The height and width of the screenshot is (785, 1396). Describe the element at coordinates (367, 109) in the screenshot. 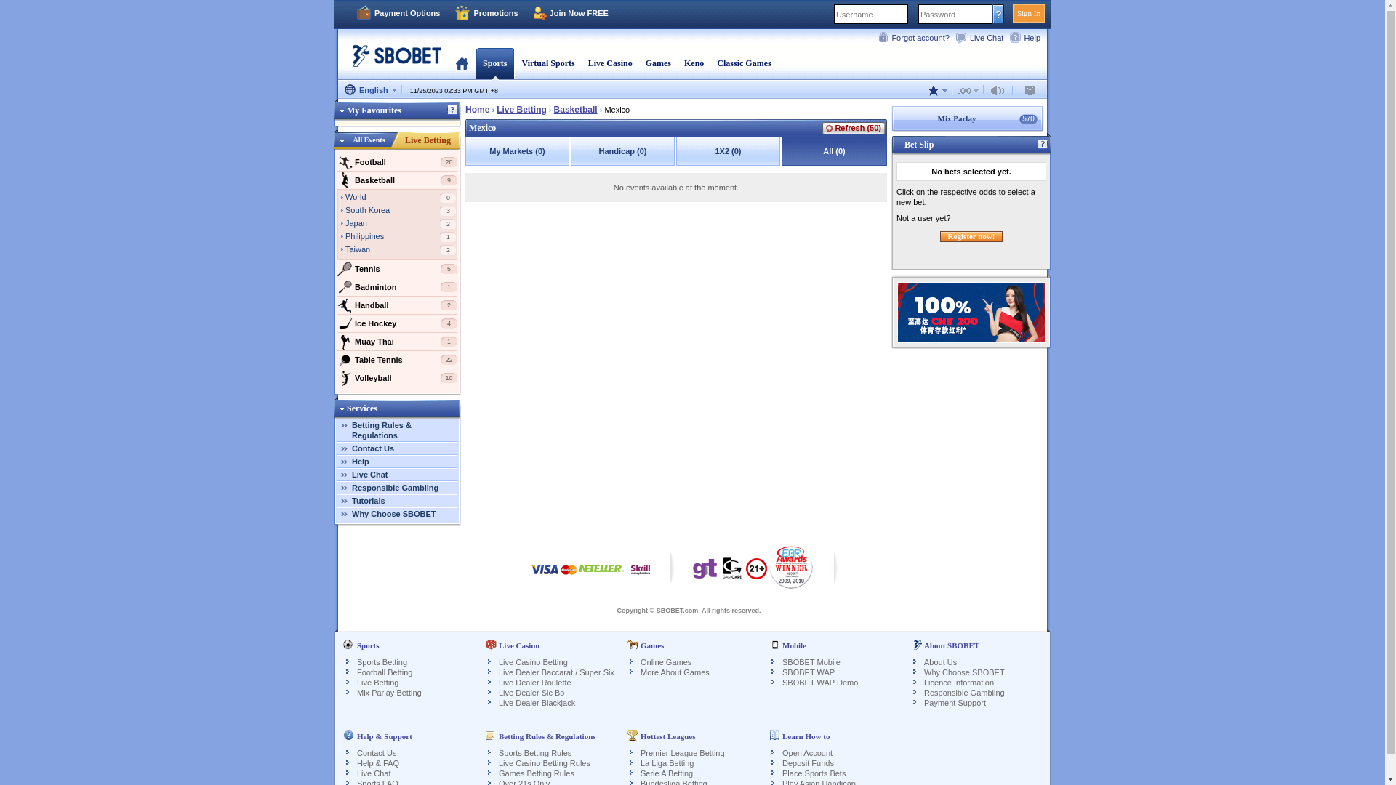

I see `'My Favourites'` at that location.